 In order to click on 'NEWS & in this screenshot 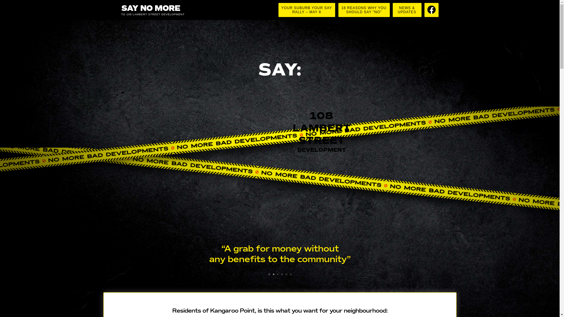, I will do `click(407, 10)`.